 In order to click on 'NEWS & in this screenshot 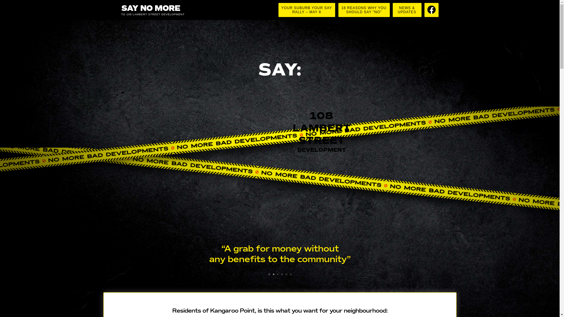, I will do `click(407, 10)`.